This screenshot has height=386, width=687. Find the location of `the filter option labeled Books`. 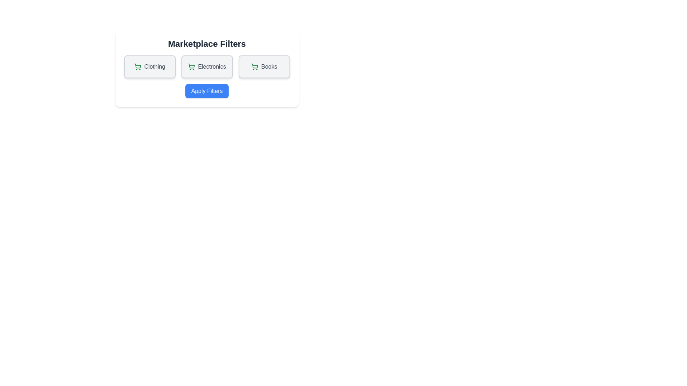

the filter option labeled Books is located at coordinates (264, 66).